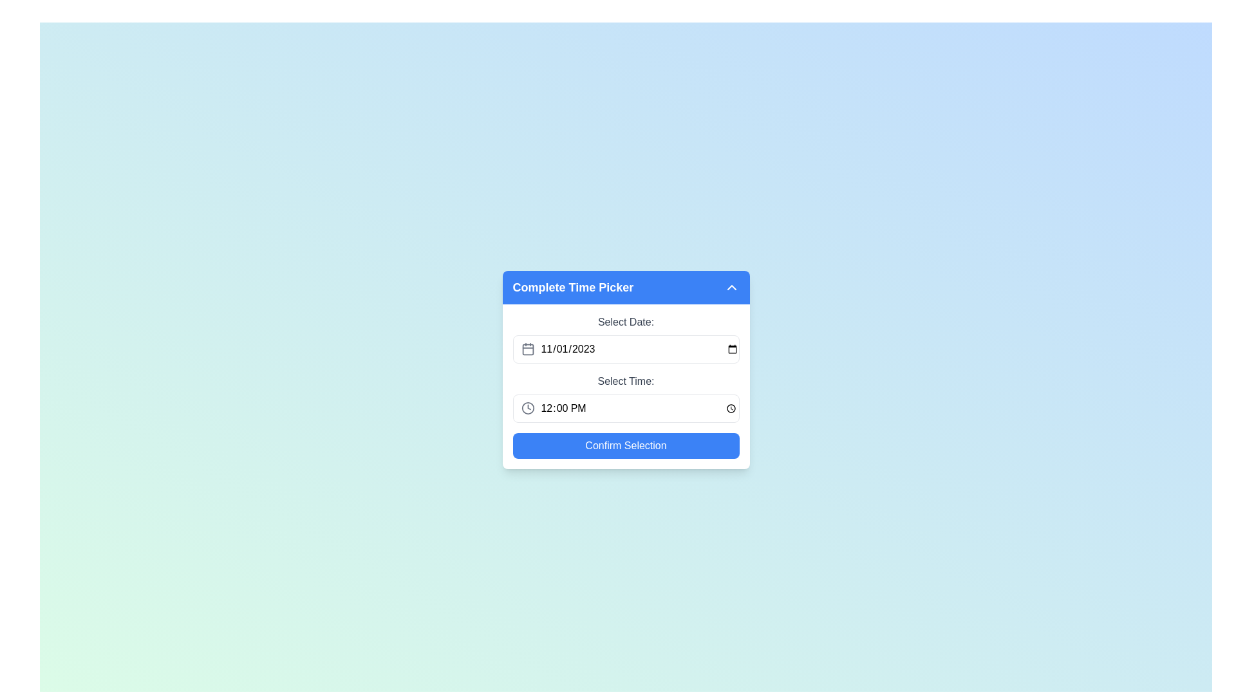  I want to click on text label displaying 'Select Time:' which is styled with a gray font color and positioned above the time selection field, so click(626, 381).